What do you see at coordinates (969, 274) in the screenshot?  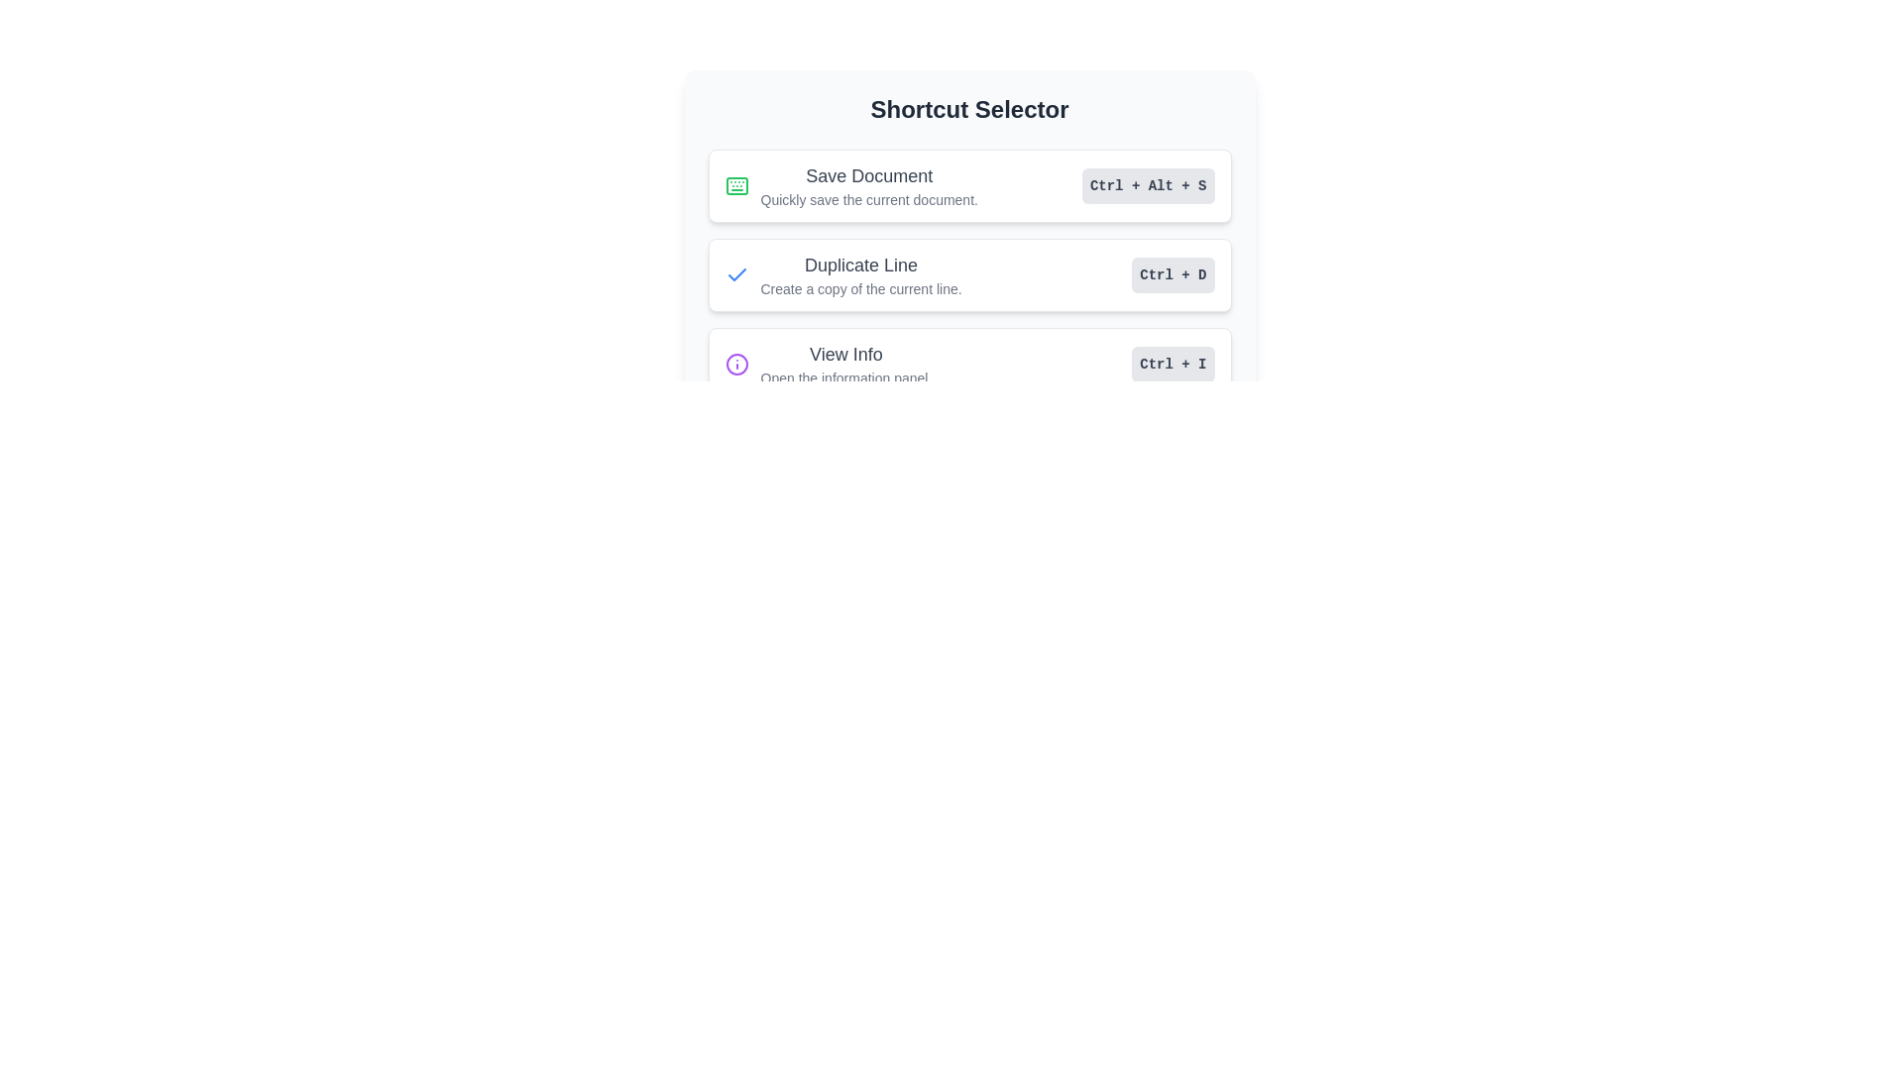 I see `the second item in the 'Shortcut Selector' list, which is the duplicate line option` at bounding box center [969, 274].